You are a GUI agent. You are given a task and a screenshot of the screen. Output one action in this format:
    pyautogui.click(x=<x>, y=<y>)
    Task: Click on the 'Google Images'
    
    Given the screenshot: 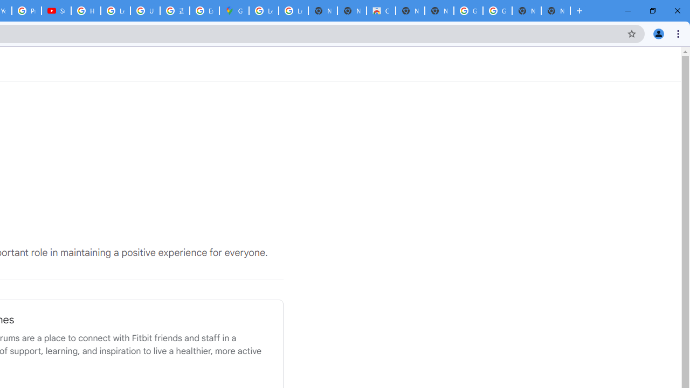 What is the action you would take?
    pyautogui.click(x=496, y=11)
    